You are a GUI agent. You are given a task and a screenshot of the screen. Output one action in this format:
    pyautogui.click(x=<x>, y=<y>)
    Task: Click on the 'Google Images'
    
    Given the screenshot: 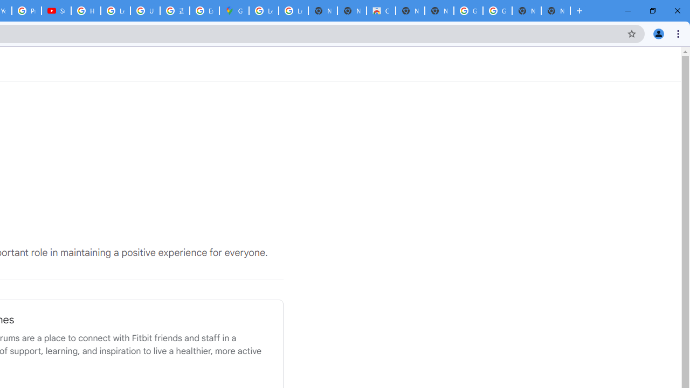 What is the action you would take?
    pyautogui.click(x=496, y=11)
    